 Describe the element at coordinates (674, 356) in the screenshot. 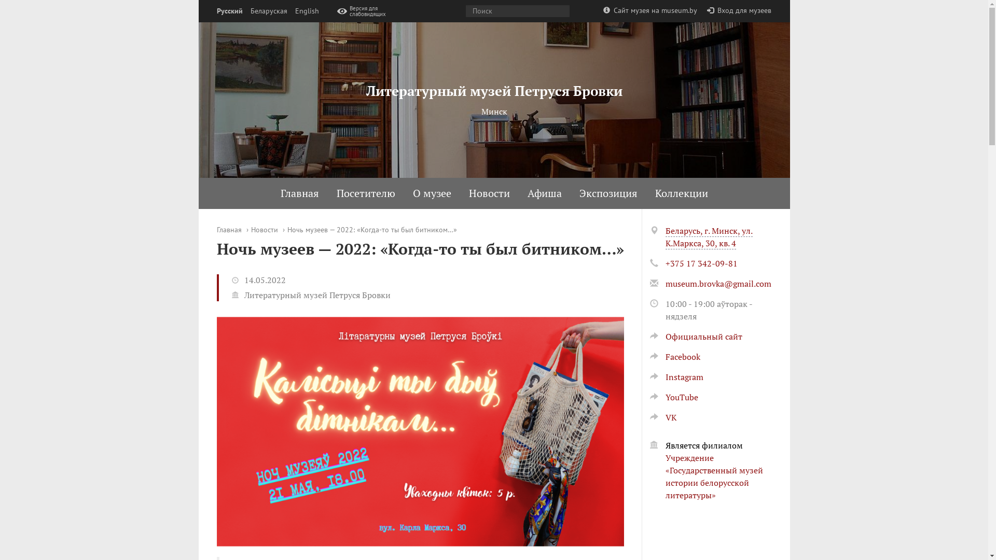

I see `'Facebook'` at that location.